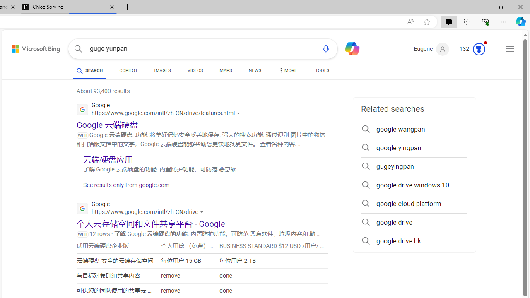 The height and width of the screenshot is (298, 530). Describe the element at coordinates (78, 49) in the screenshot. I see `'Search button'` at that location.